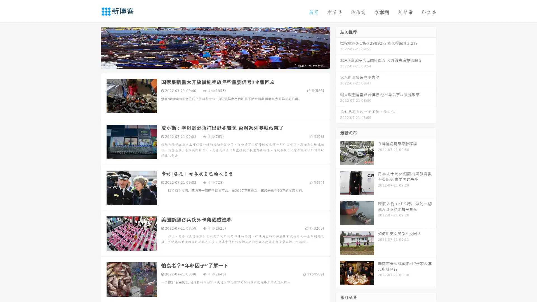 This screenshot has width=537, height=302. What do you see at coordinates (221, 63) in the screenshot?
I see `Go to slide 3` at bounding box center [221, 63].